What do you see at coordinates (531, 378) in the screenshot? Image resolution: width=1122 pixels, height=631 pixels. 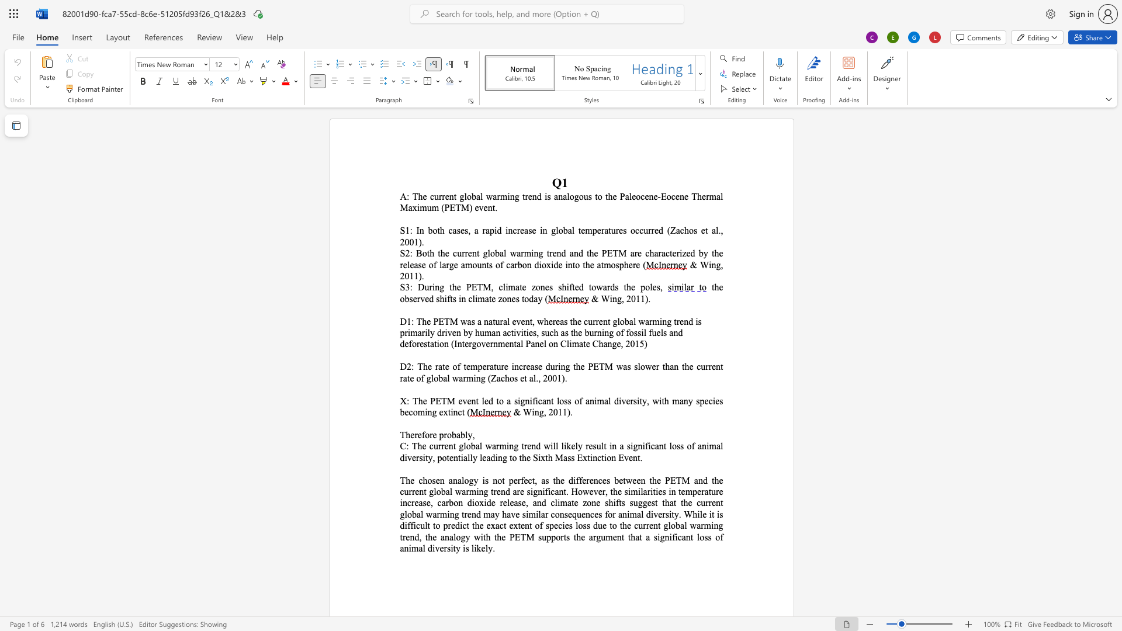 I see `the 8th character "a" in the text` at bounding box center [531, 378].